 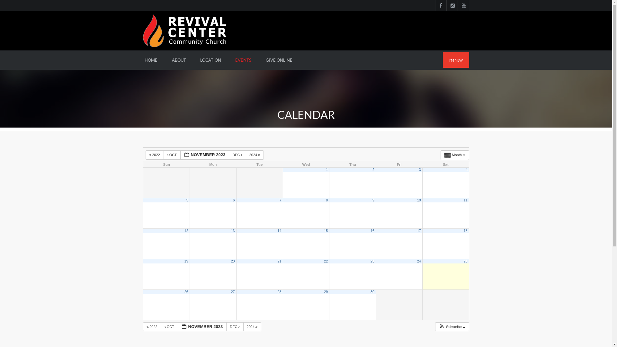 What do you see at coordinates (186, 200) in the screenshot?
I see `'5'` at bounding box center [186, 200].